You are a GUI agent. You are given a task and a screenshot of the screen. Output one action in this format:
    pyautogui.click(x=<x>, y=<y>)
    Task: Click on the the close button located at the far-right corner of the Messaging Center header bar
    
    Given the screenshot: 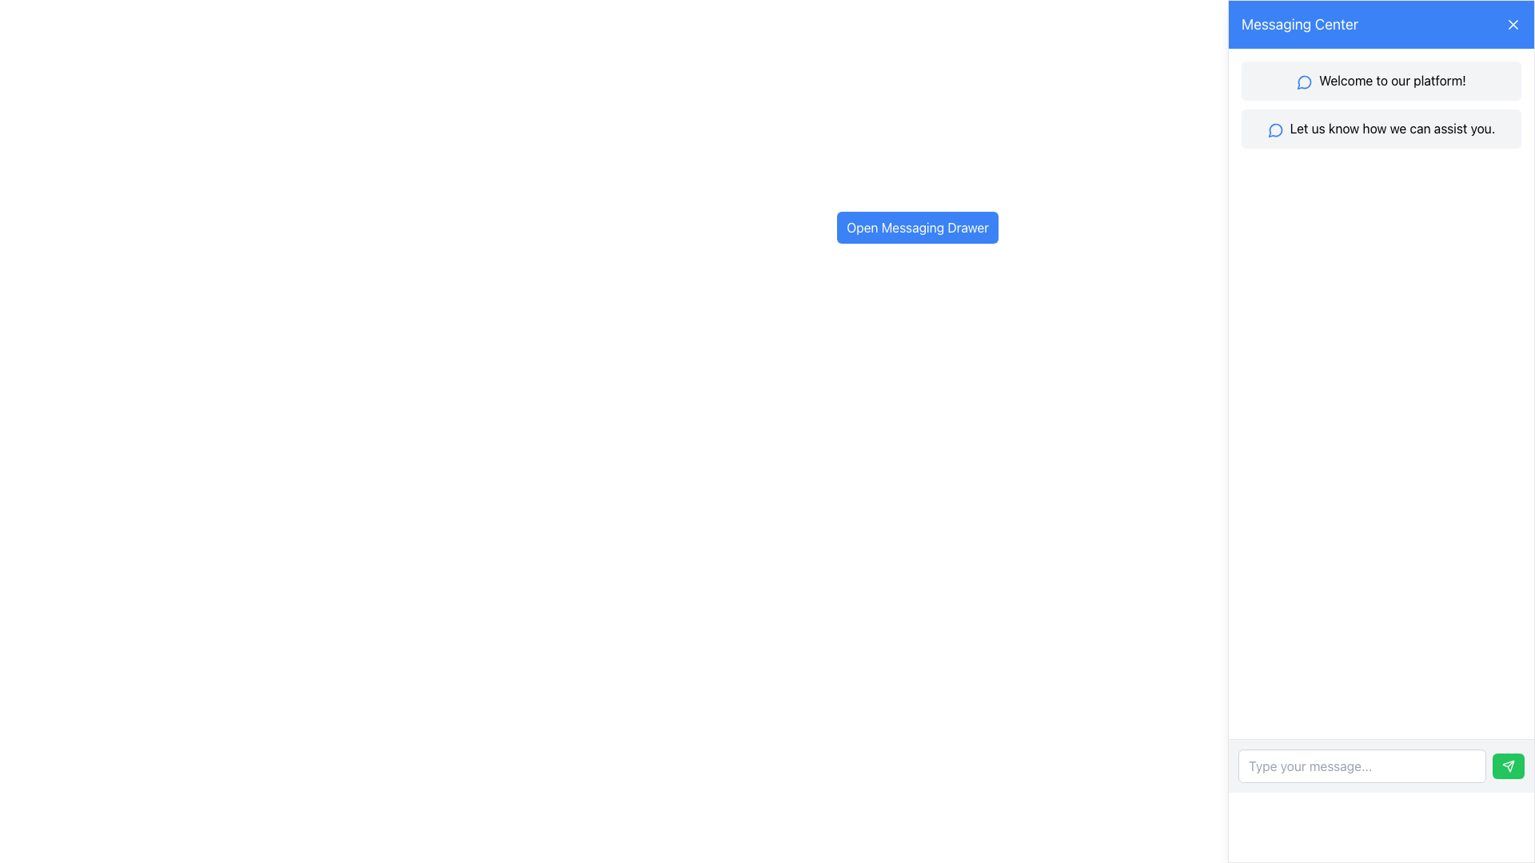 What is the action you would take?
    pyautogui.click(x=1512, y=24)
    